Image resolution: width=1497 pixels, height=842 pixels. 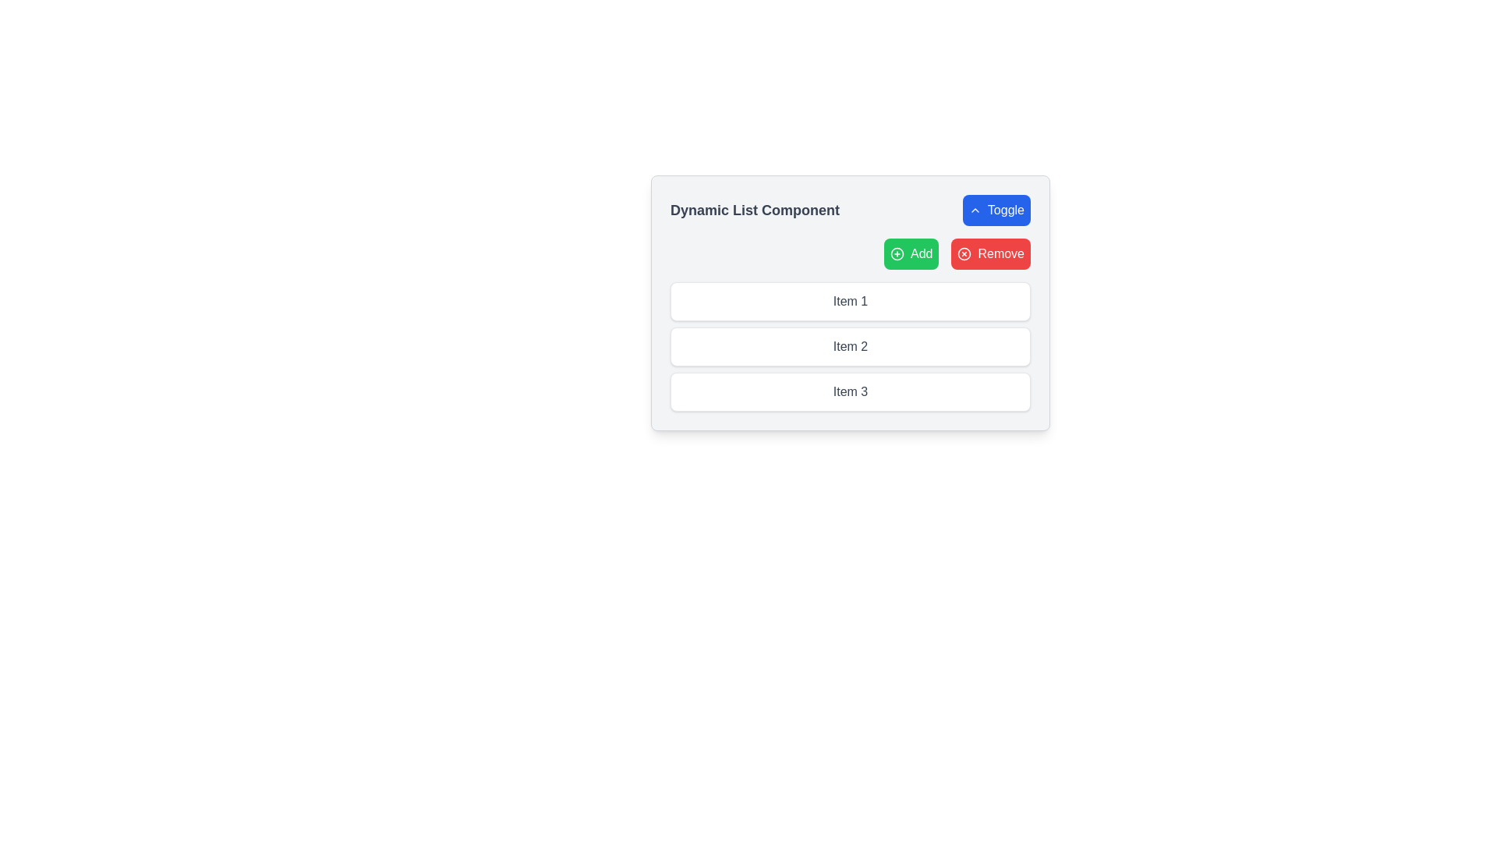 I want to click on the rectangular button with a white background, rounded corners, and the text 'Item 2' in gray color, which is the second item in a vertical list, so click(x=849, y=345).